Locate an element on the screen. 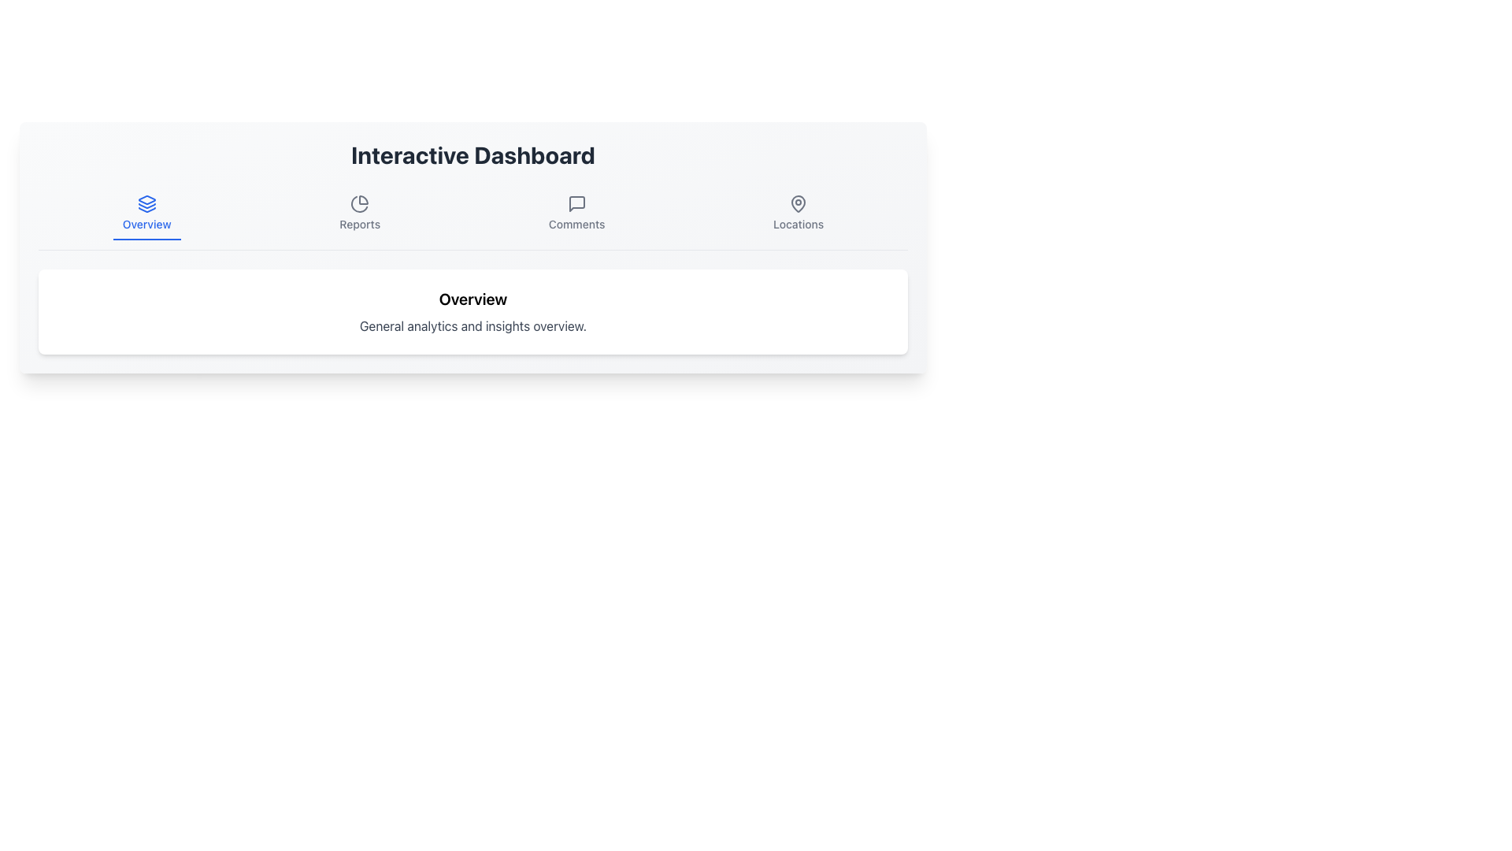  the message icon located above the 'Comments' label in the top-central area of the interface is located at coordinates (576, 203).